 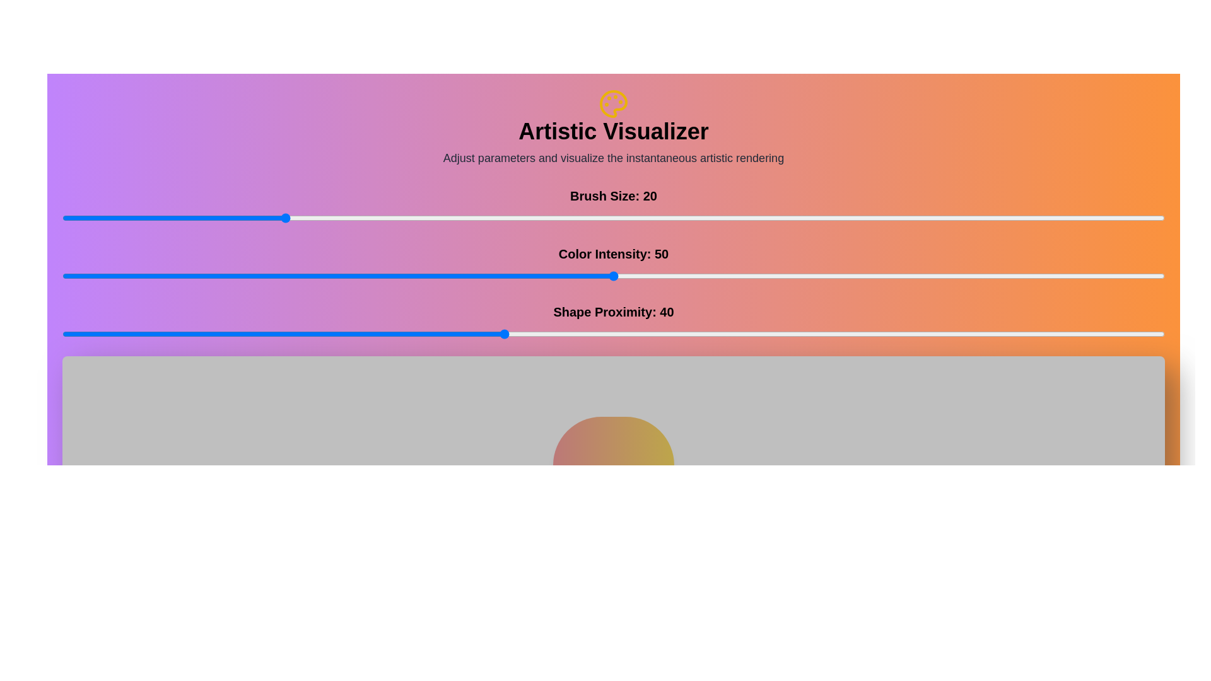 What do you see at coordinates (183, 276) in the screenshot?
I see `the 'Color Intensity' slider to 11 value` at bounding box center [183, 276].